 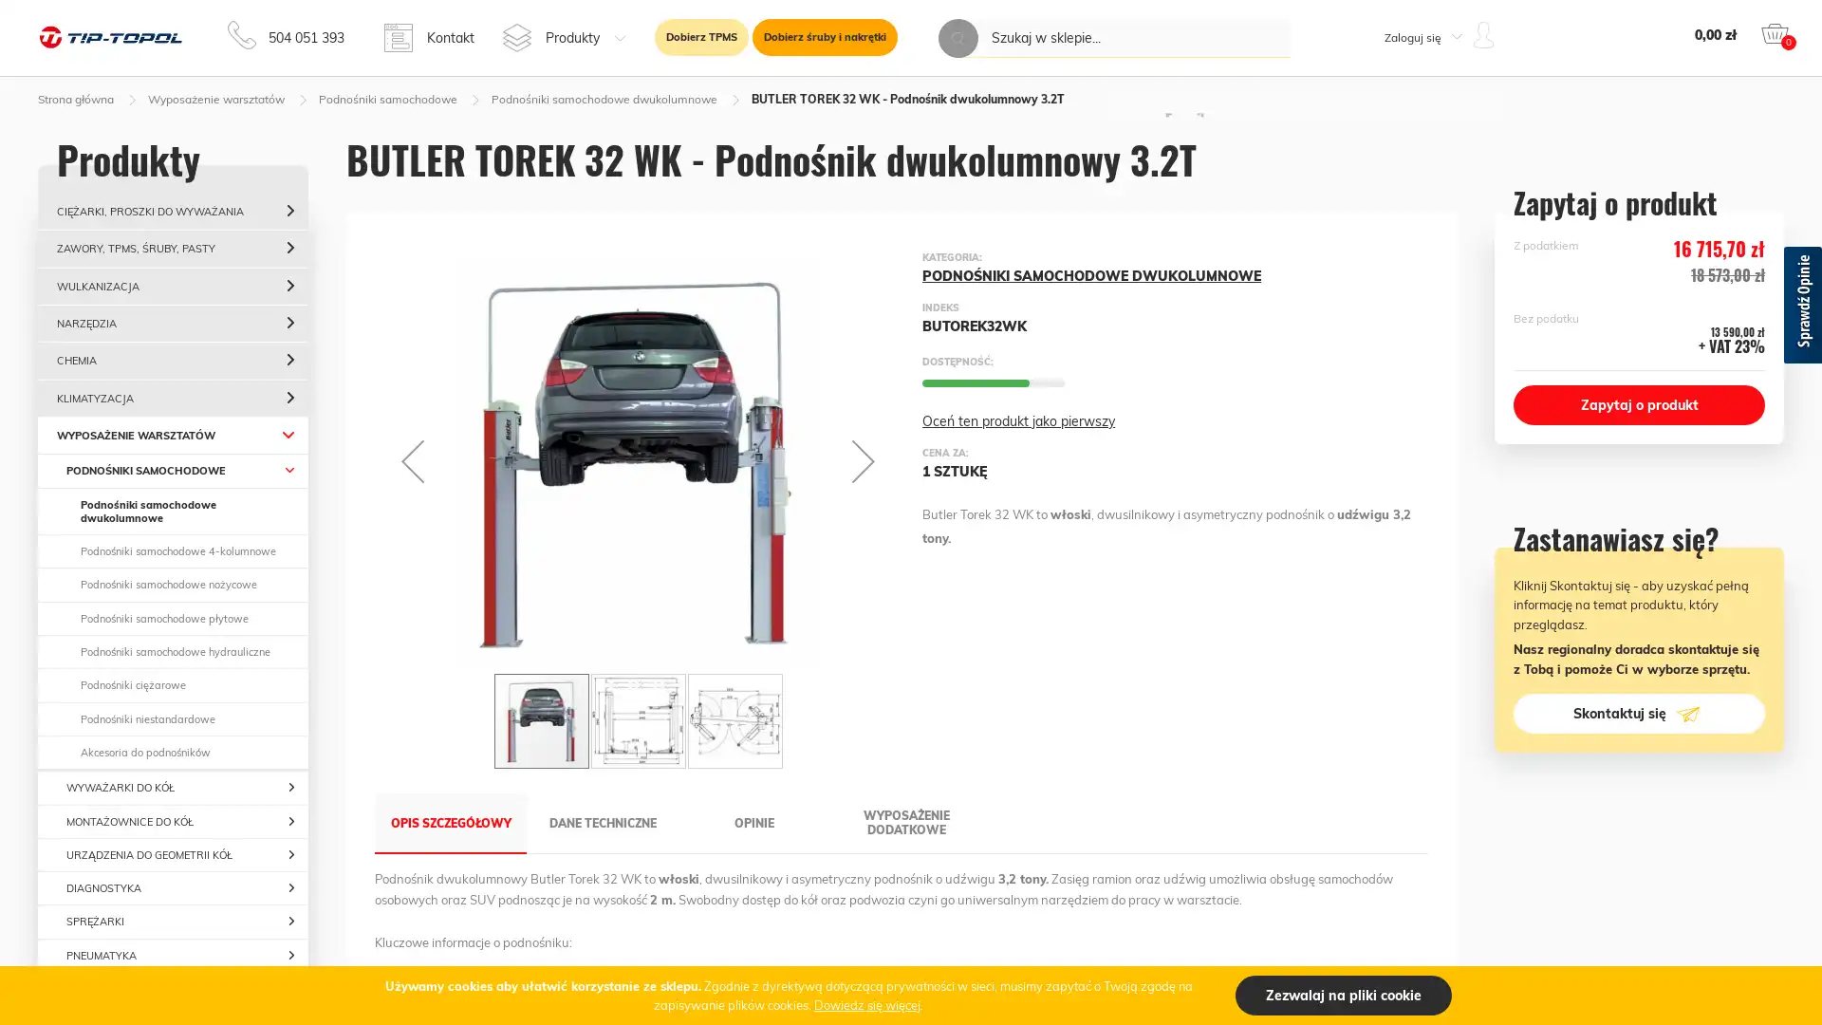 I want to click on BUTLER TOREK 32 WK - Podnosnik dwukolumnowy 3.2T, so click(x=638, y=720).